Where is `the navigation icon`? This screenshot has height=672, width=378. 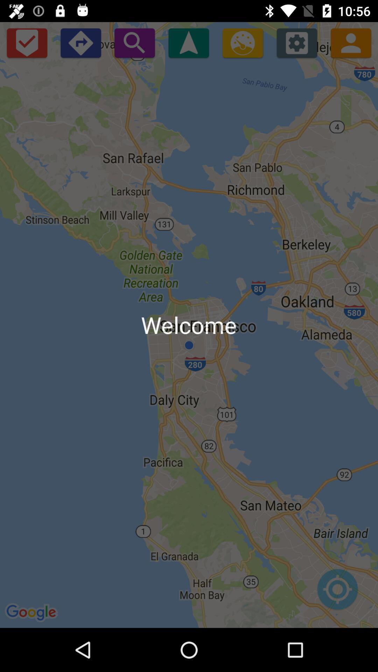 the navigation icon is located at coordinates (188, 42).